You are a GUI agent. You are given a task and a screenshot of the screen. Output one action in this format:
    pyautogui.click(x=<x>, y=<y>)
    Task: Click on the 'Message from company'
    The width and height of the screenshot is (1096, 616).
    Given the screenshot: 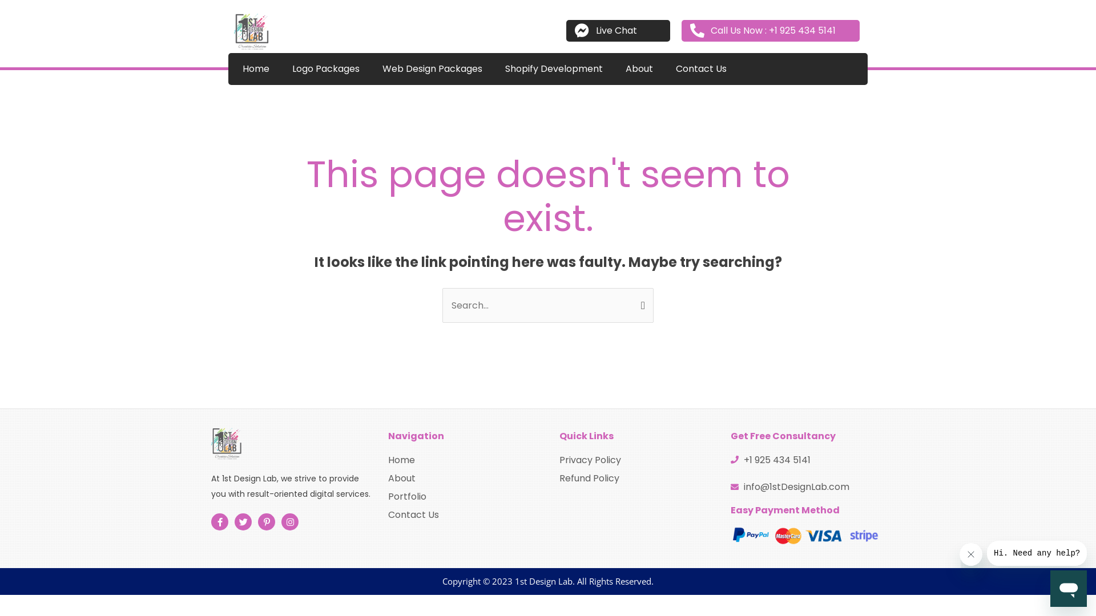 What is the action you would take?
    pyautogui.click(x=1037, y=552)
    